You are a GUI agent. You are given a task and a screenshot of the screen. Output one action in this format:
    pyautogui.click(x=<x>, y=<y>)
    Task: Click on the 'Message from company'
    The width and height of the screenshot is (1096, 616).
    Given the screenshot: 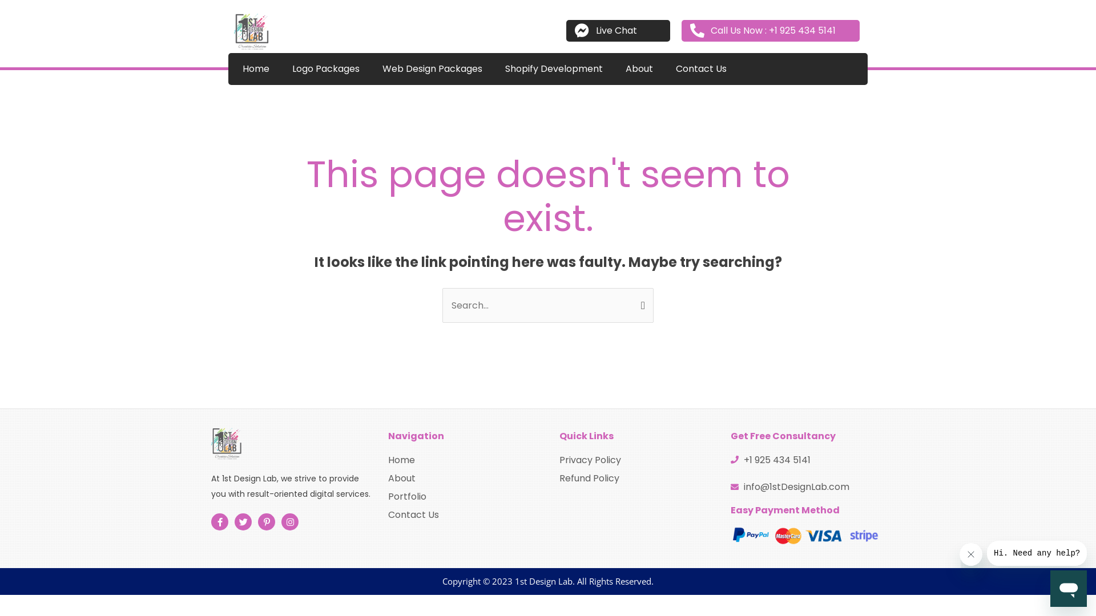 What is the action you would take?
    pyautogui.click(x=1037, y=552)
    